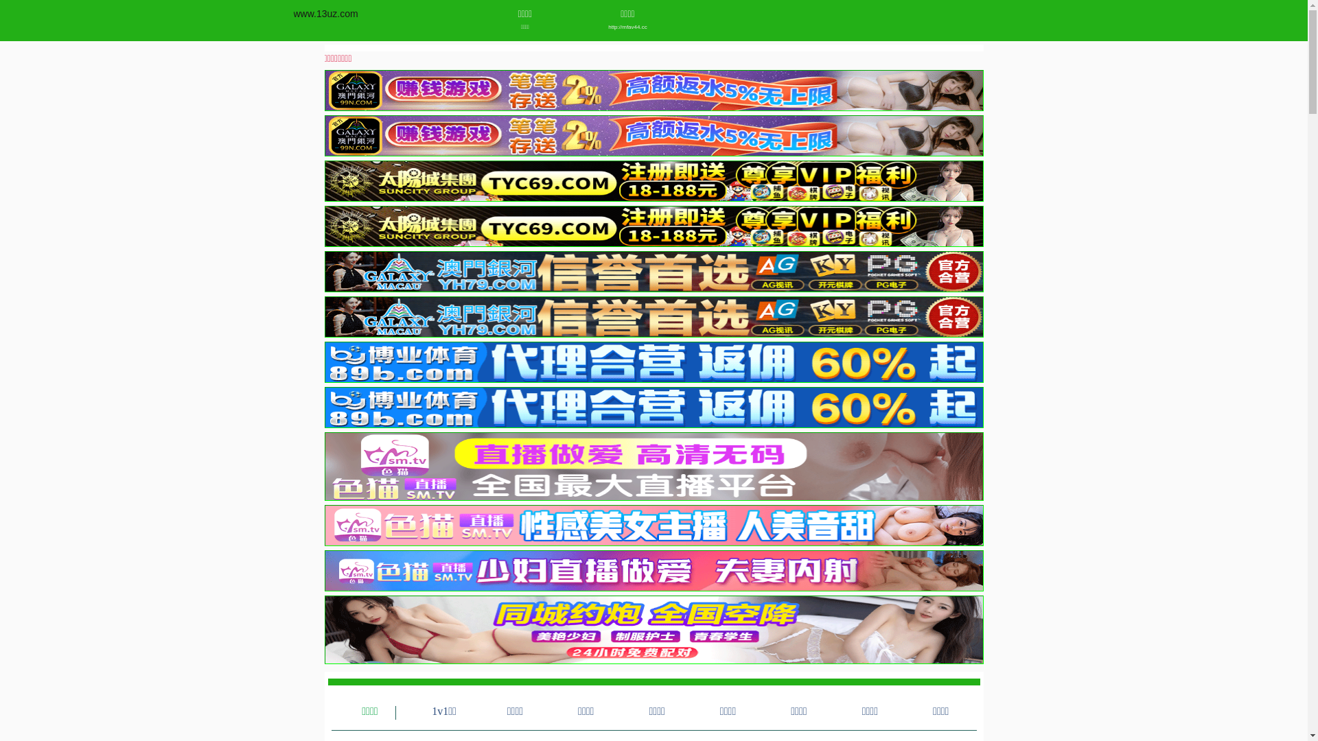 The height and width of the screenshot is (741, 1318). Describe the element at coordinates (583, 27) in the screenshot. I see `'http://mfav44.cc'` at that location.